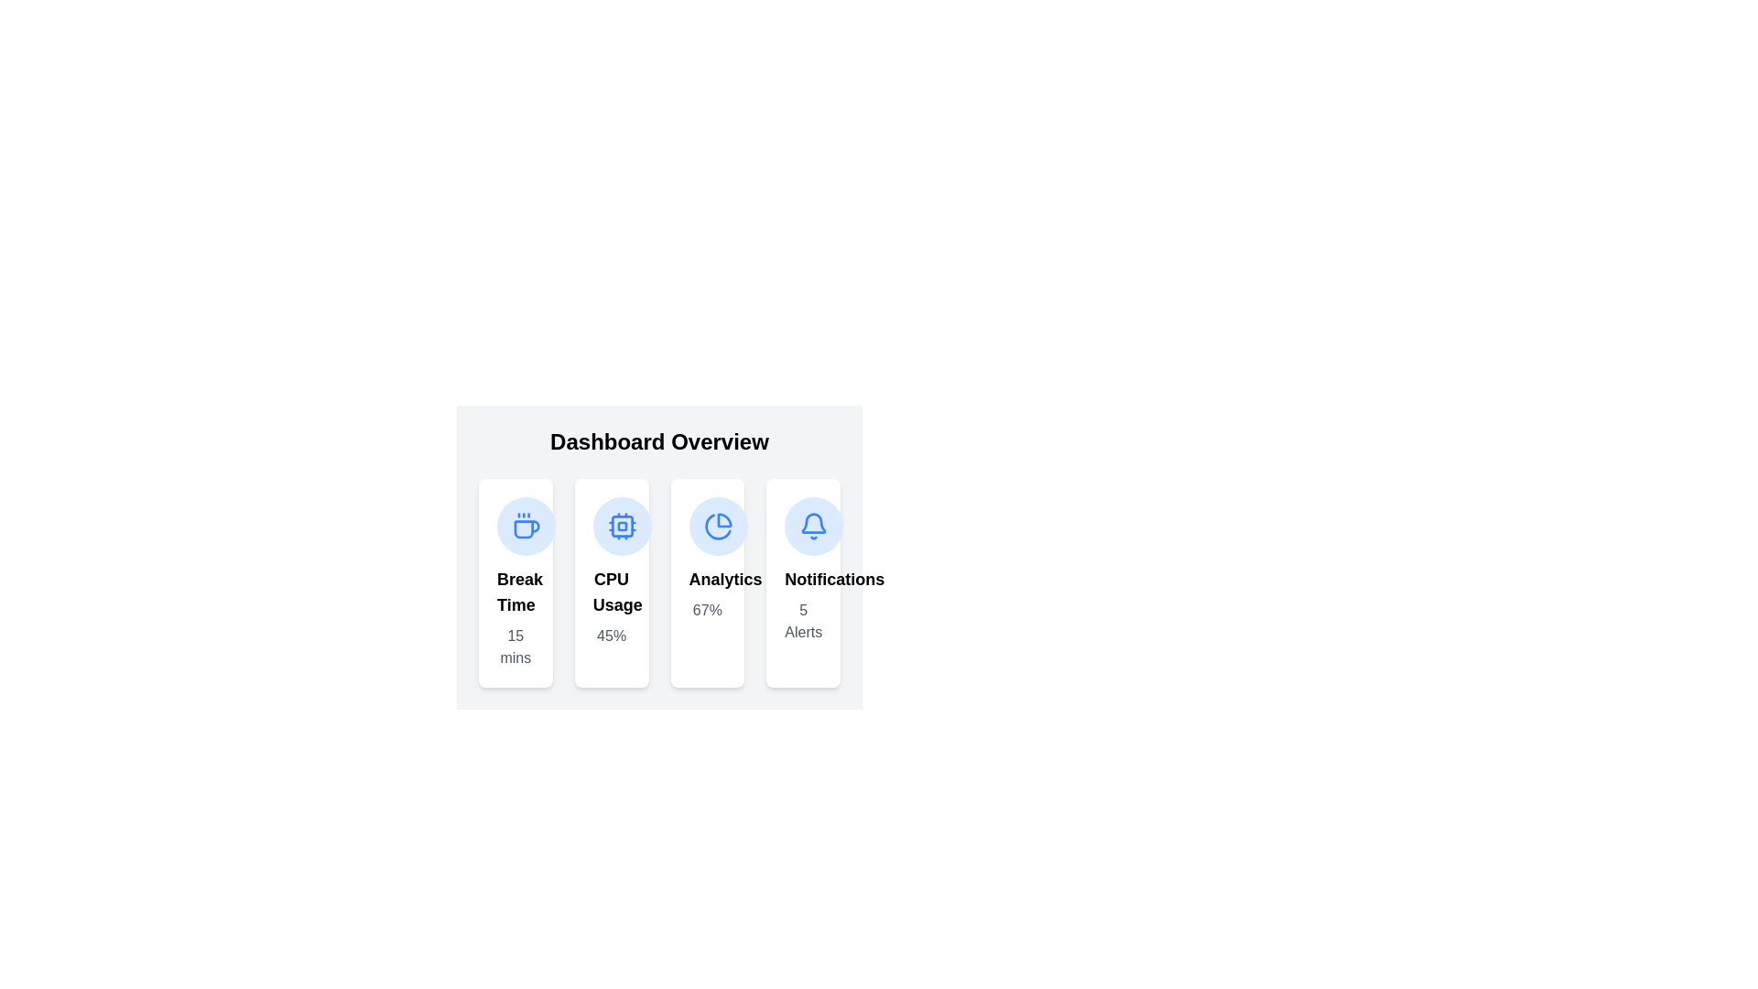  Describe the element at coordinates (706, 579) in the screenshot. I see `text label indicating the category 'Analytics' located in the third card from the left, which is displayed in a horizontal layout, with a percentage '67%' directly below it` at that location.